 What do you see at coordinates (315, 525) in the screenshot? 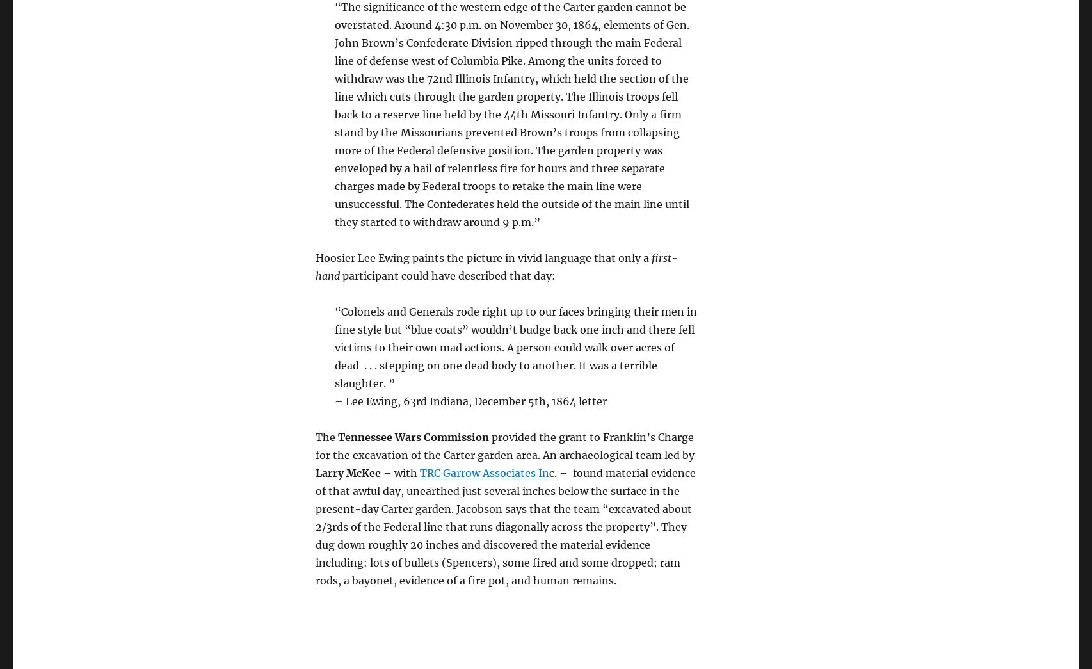
I see `'c. –  found material evidence of that awful day, unearthed just several inches below the surface in the present-day Carter garden. Jacobson says that the team “excavated about 2/3rds of the Federal line that runs diagonally across the property”. They dug down roughly 20 inches and discovered the material evidence including: lots of bullets (Spencers), some fired and some dropped; ram rods, a bayonet, evidence of a fire pot, and human remains.'` at bounding box center [315, 525].